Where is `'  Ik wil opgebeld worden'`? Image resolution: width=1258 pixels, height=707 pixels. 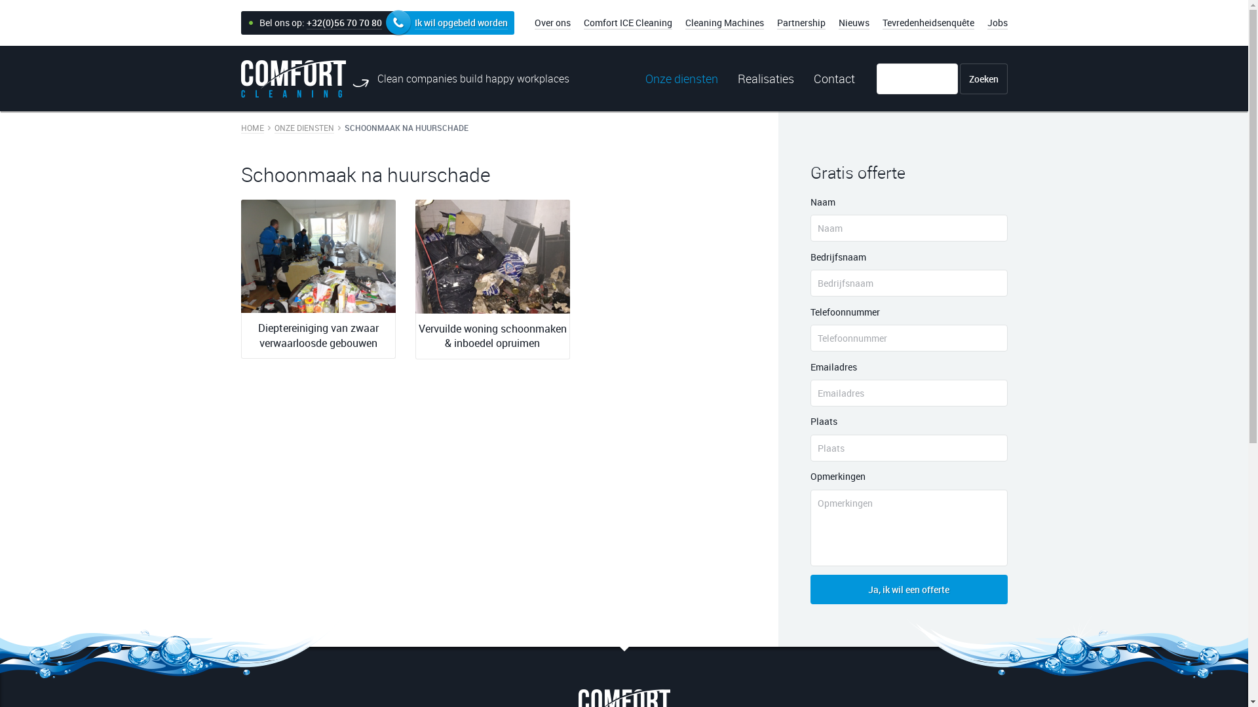
'  Ik wil opgebeld worden' is located at coordinates (398, 23).